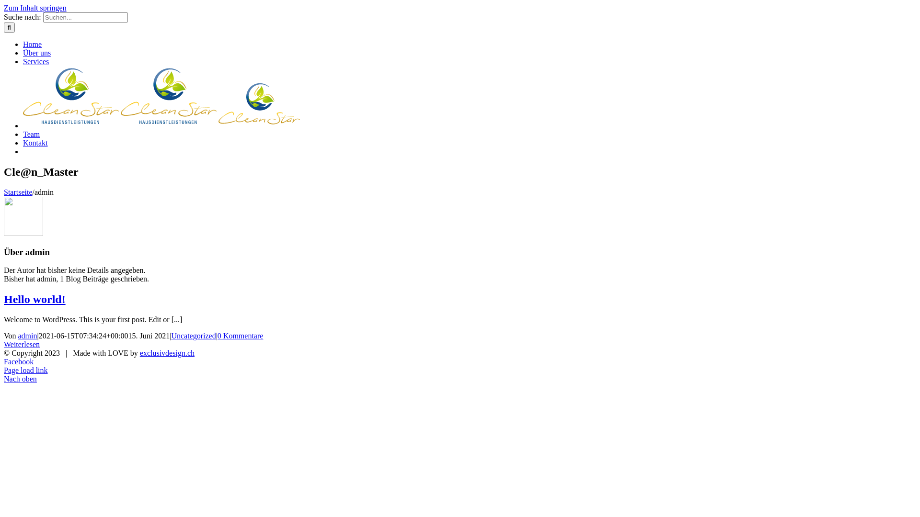 The height and width of the screenshot is (517, 920). I want to click on 'exclusivdesign.ch', so click(167, 353).